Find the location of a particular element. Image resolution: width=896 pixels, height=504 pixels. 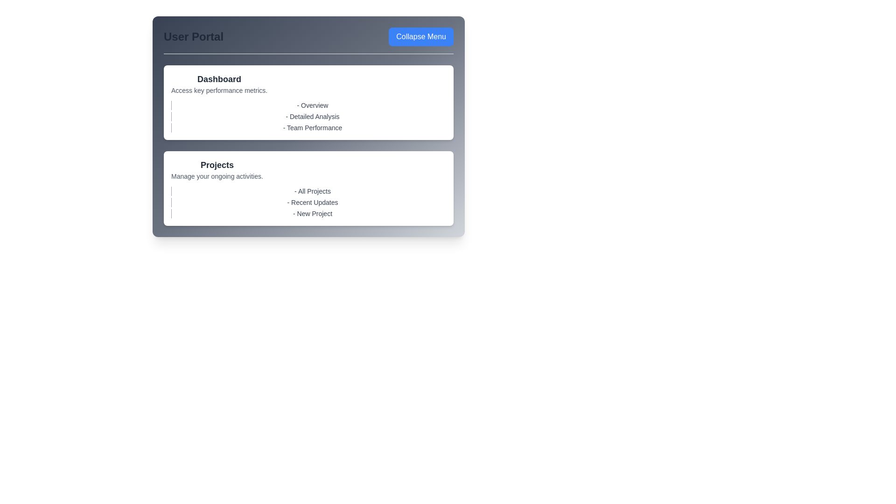

the 'Projects' category to expand its details is located at coordinates (217, 165).